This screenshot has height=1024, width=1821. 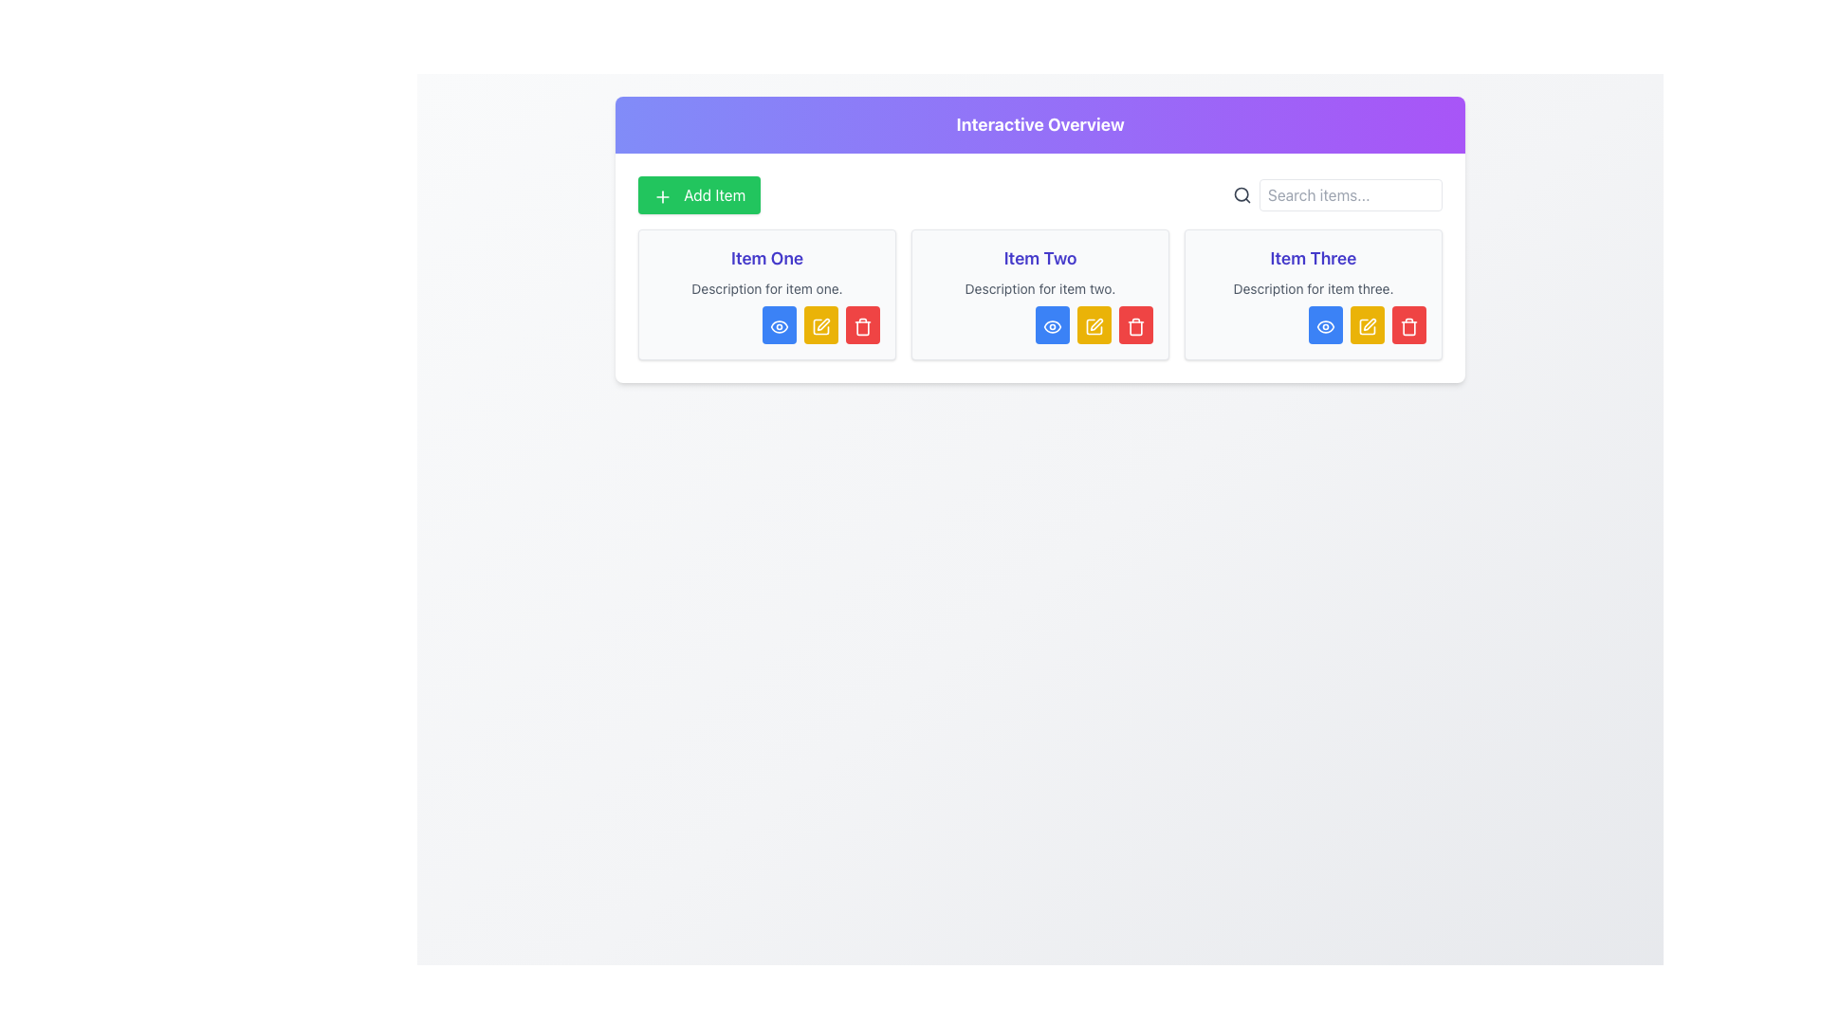 I want to click on the blue icon button resembling an eye located under 'Item Two', so click(x=1051, y=324).